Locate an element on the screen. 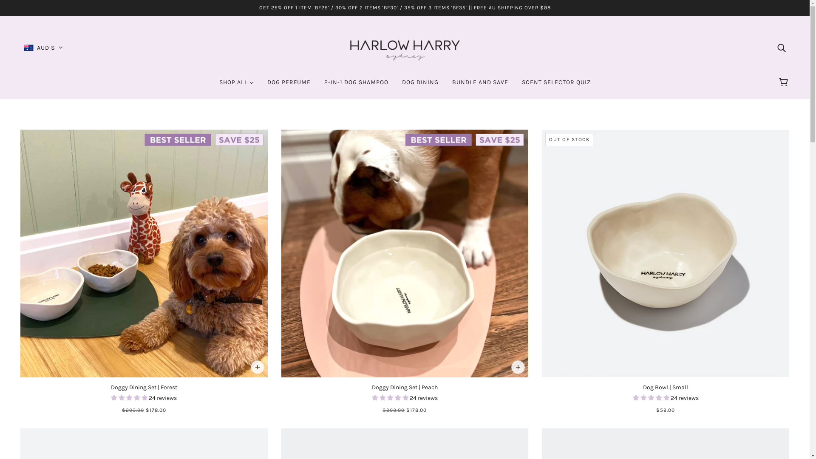  '2-IN-1 DOG SHAMPOO' is located at coordinates (356, 85).